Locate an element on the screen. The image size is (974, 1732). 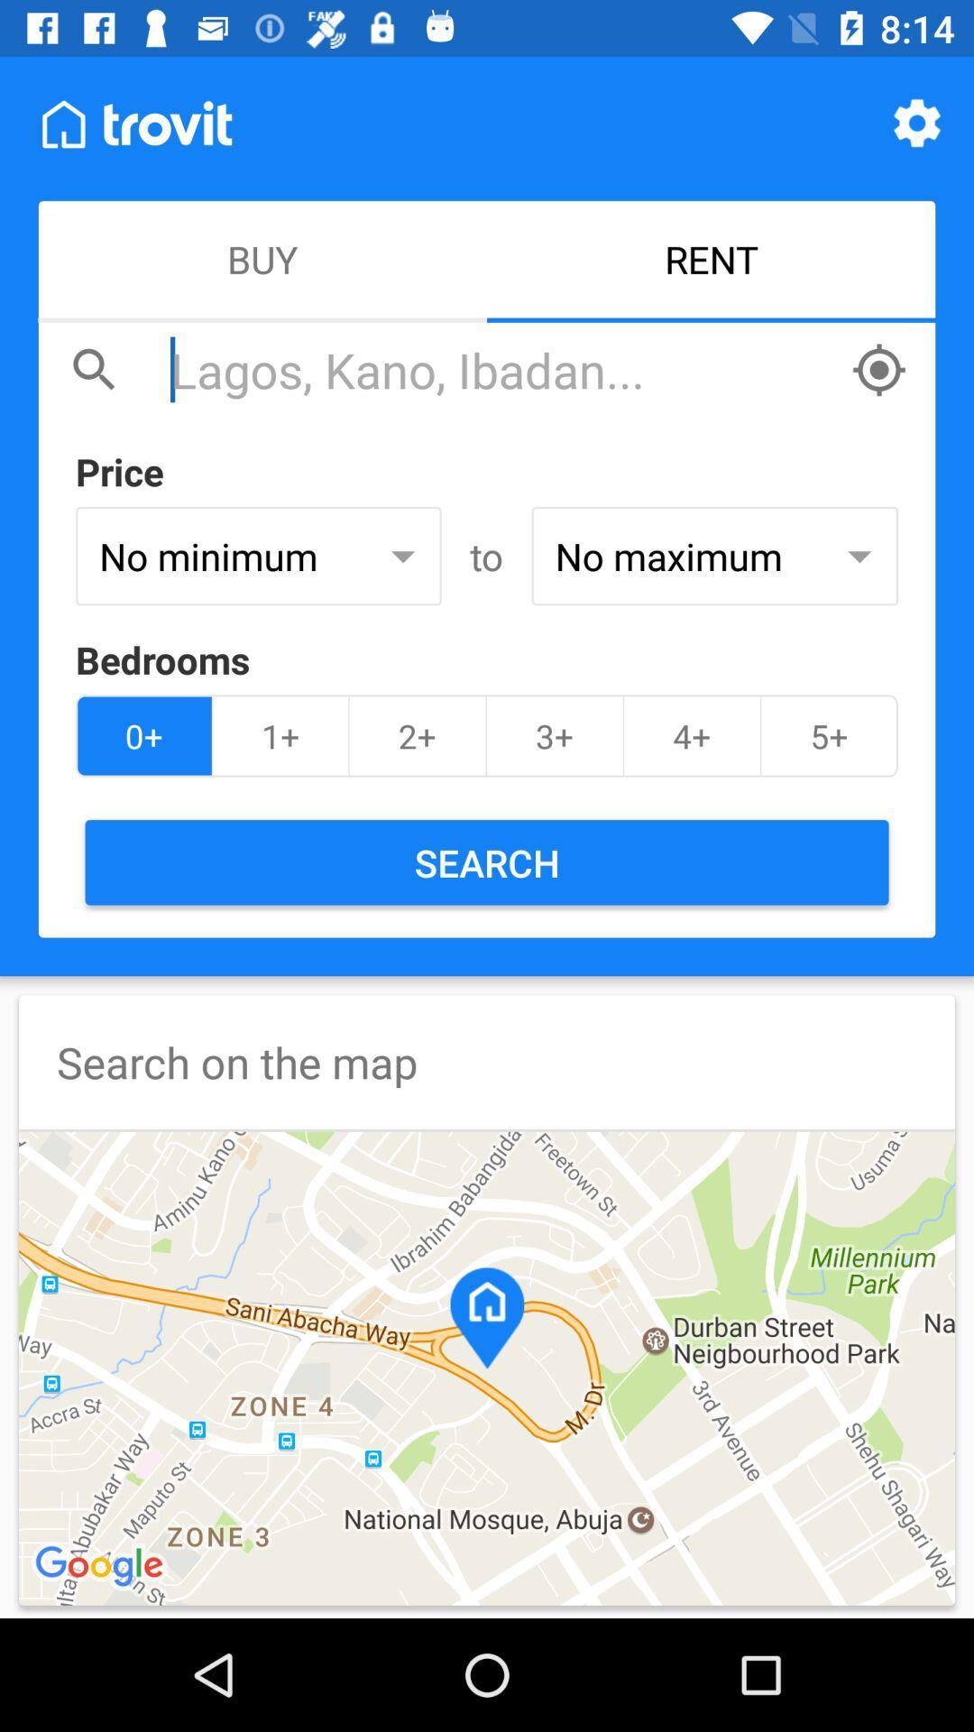
have the app autofill your current location is located at coordinates (878, 369).